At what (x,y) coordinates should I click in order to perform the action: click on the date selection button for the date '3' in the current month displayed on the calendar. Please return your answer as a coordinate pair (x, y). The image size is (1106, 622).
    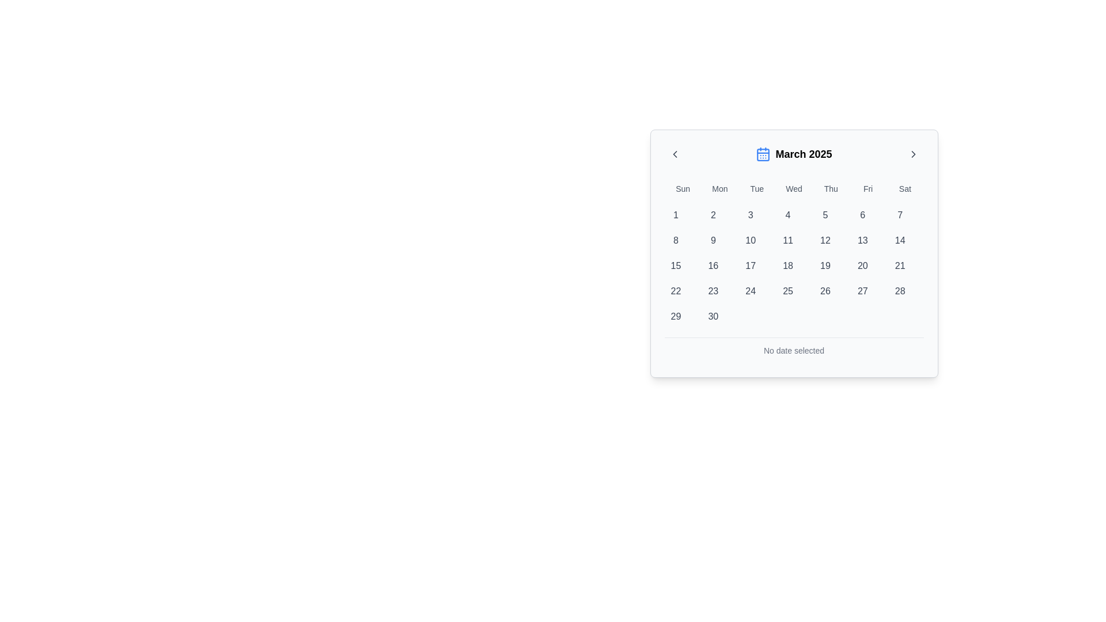
    Looking at the image, I should click on (751, 215).